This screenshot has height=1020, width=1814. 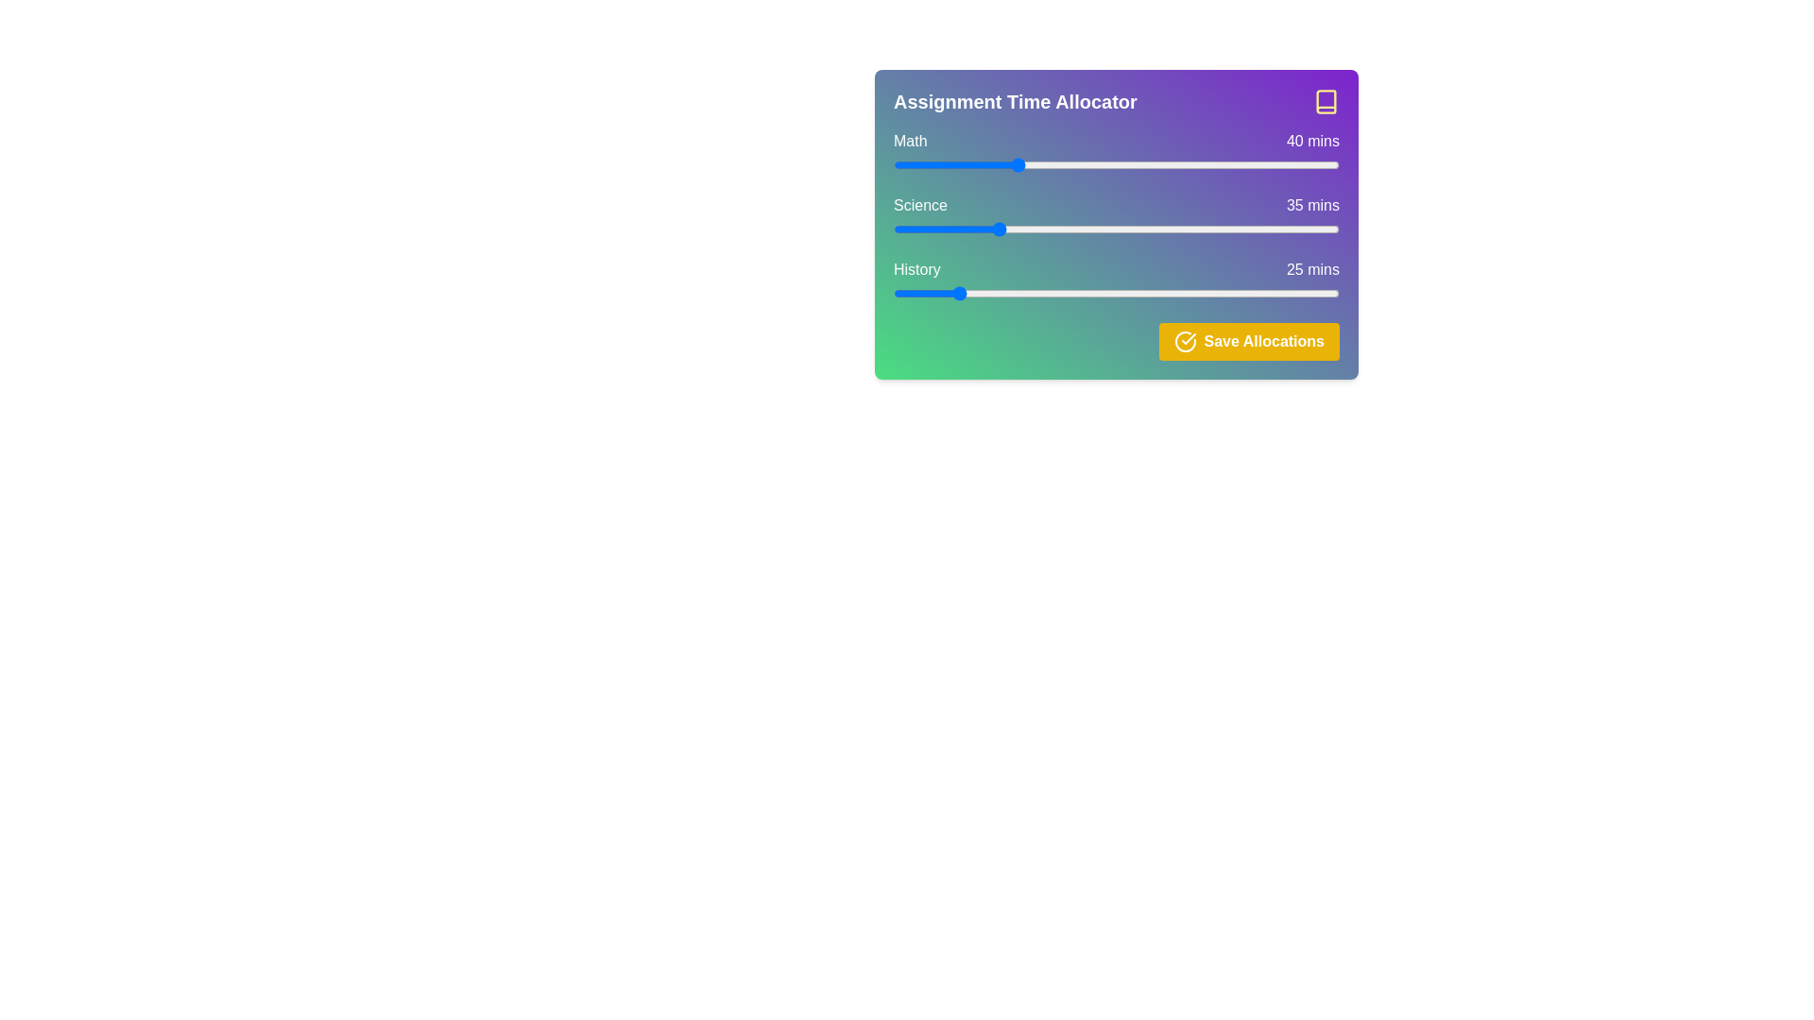 I want to click on the yellow book icon located in the top right corner of the 'Assignment Time Allocator' header, so click(x=1325, y=102).